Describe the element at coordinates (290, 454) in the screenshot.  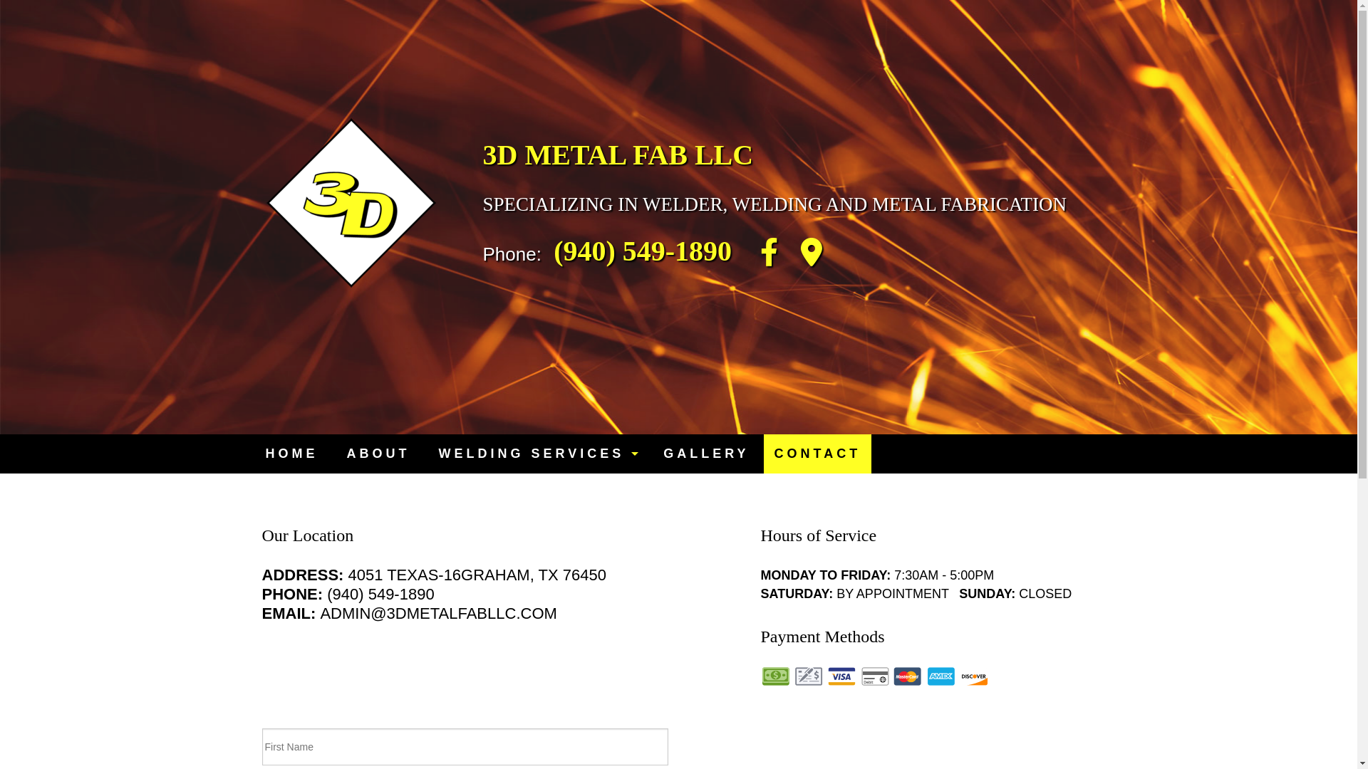
I see `'HOME'` at that location.